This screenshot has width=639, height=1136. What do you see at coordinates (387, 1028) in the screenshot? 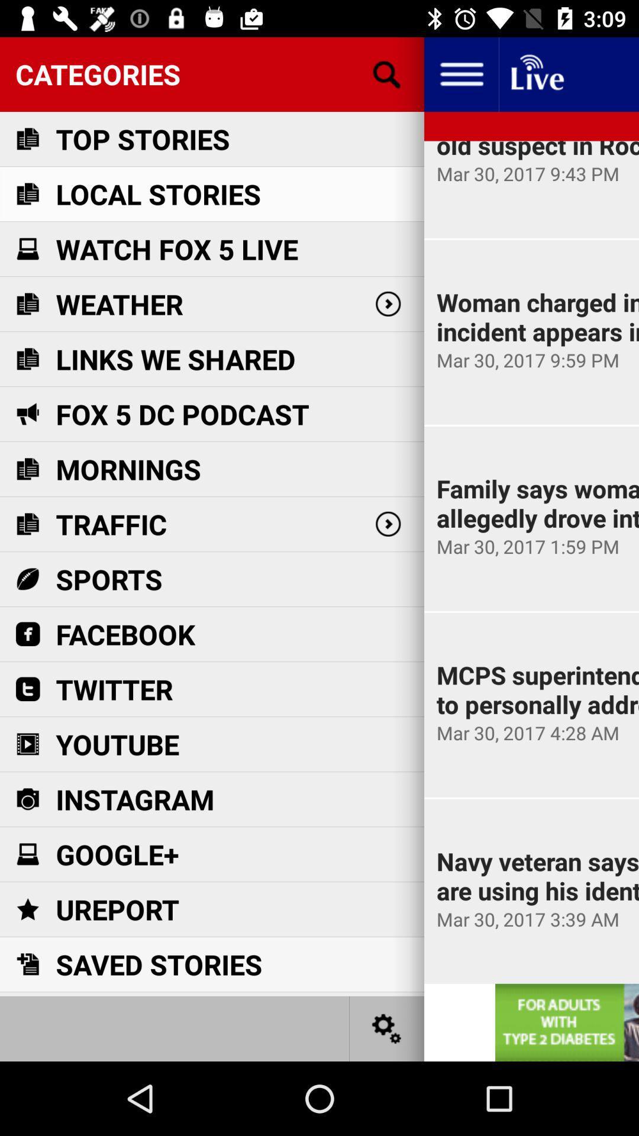
I see `the settings icon` at bounding box center [387, 1028].